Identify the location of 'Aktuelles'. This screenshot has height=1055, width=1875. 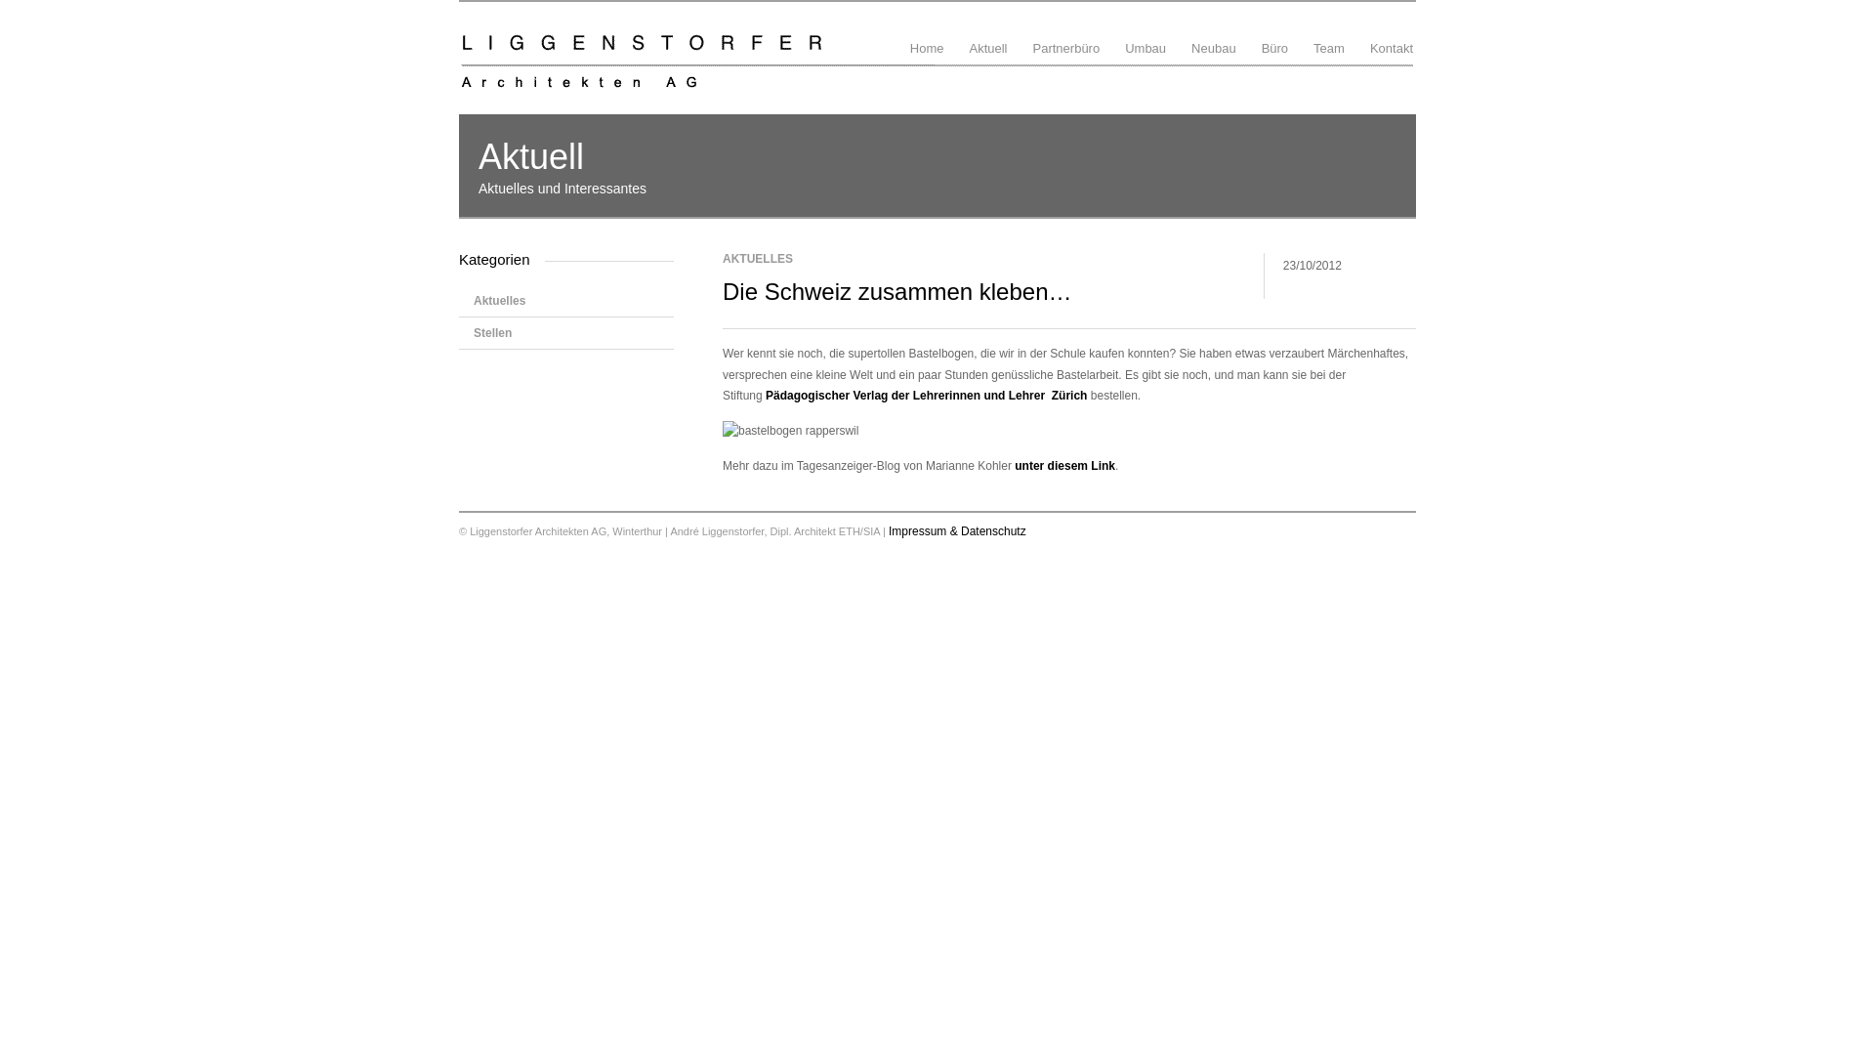
(565, 301).